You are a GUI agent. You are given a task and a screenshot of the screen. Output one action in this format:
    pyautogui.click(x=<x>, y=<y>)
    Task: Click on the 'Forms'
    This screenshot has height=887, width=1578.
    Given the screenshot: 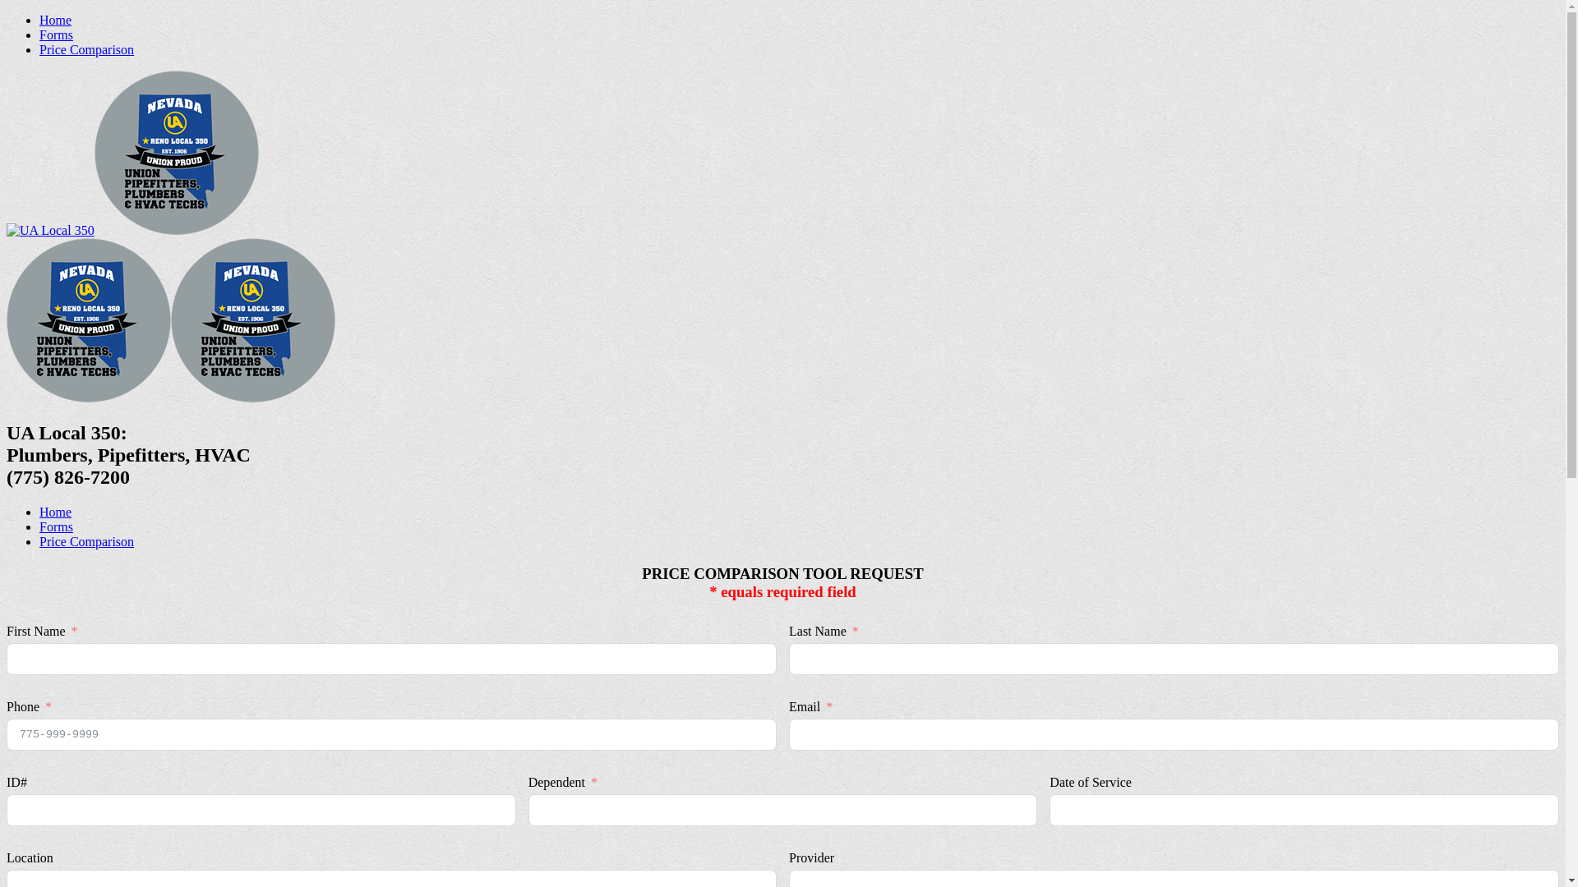 What is the action you would take?
    pyautogui.click(x=56, y=526)
    